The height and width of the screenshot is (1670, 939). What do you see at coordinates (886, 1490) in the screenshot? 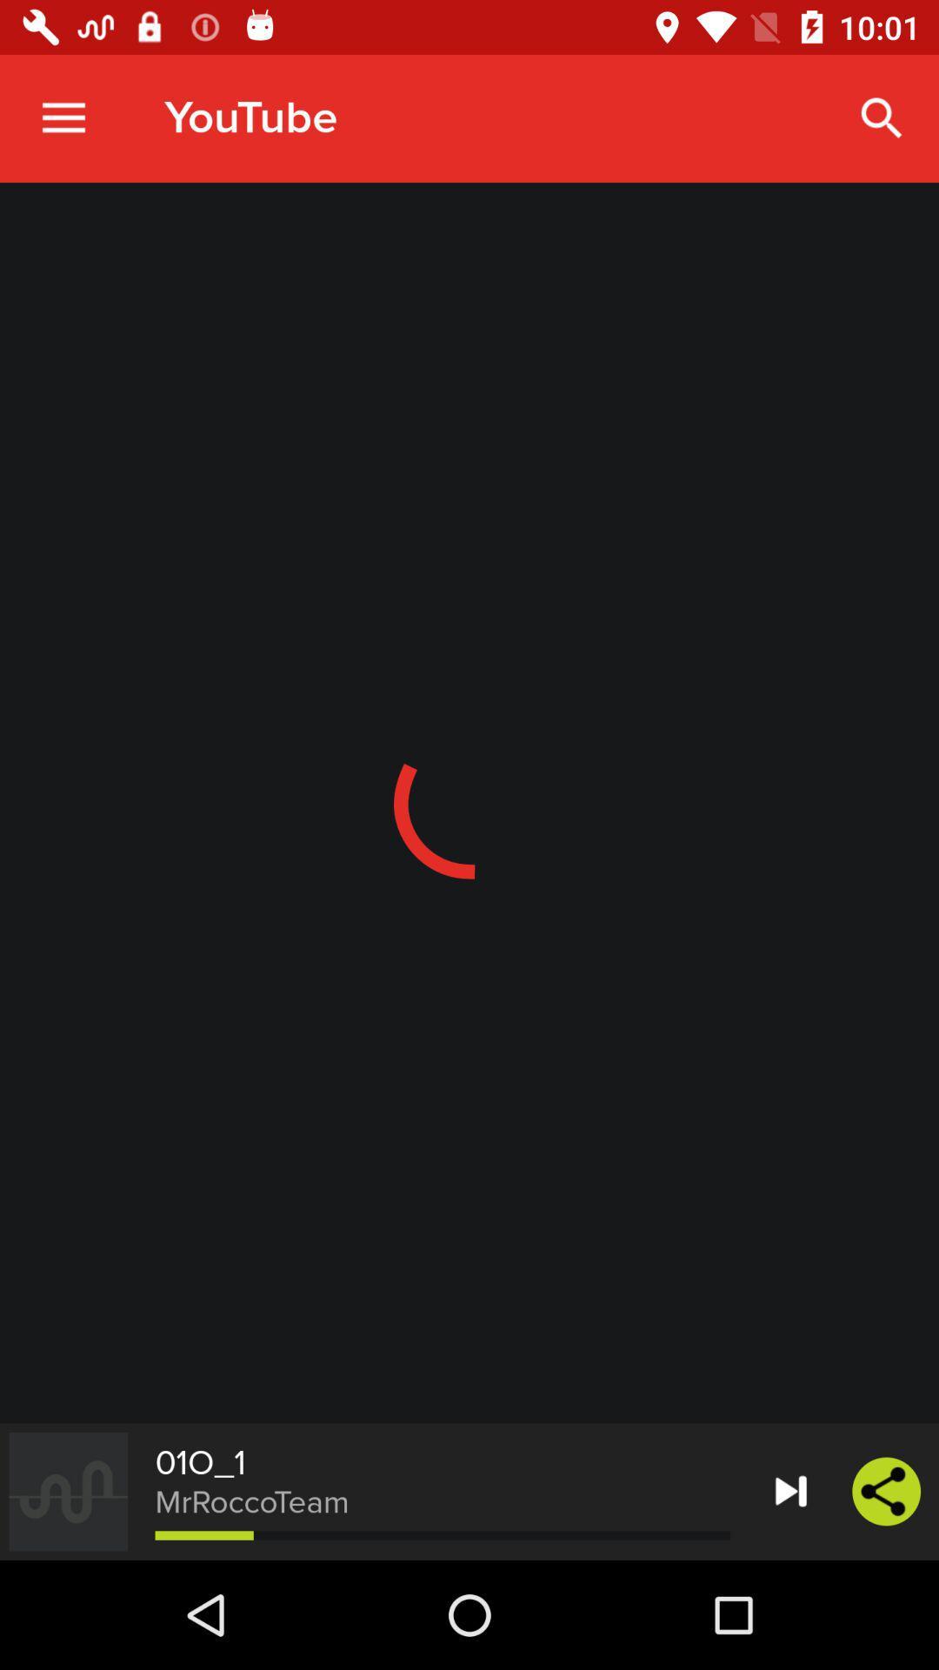
I see `the share icon` at bounding box center [886, 1490].